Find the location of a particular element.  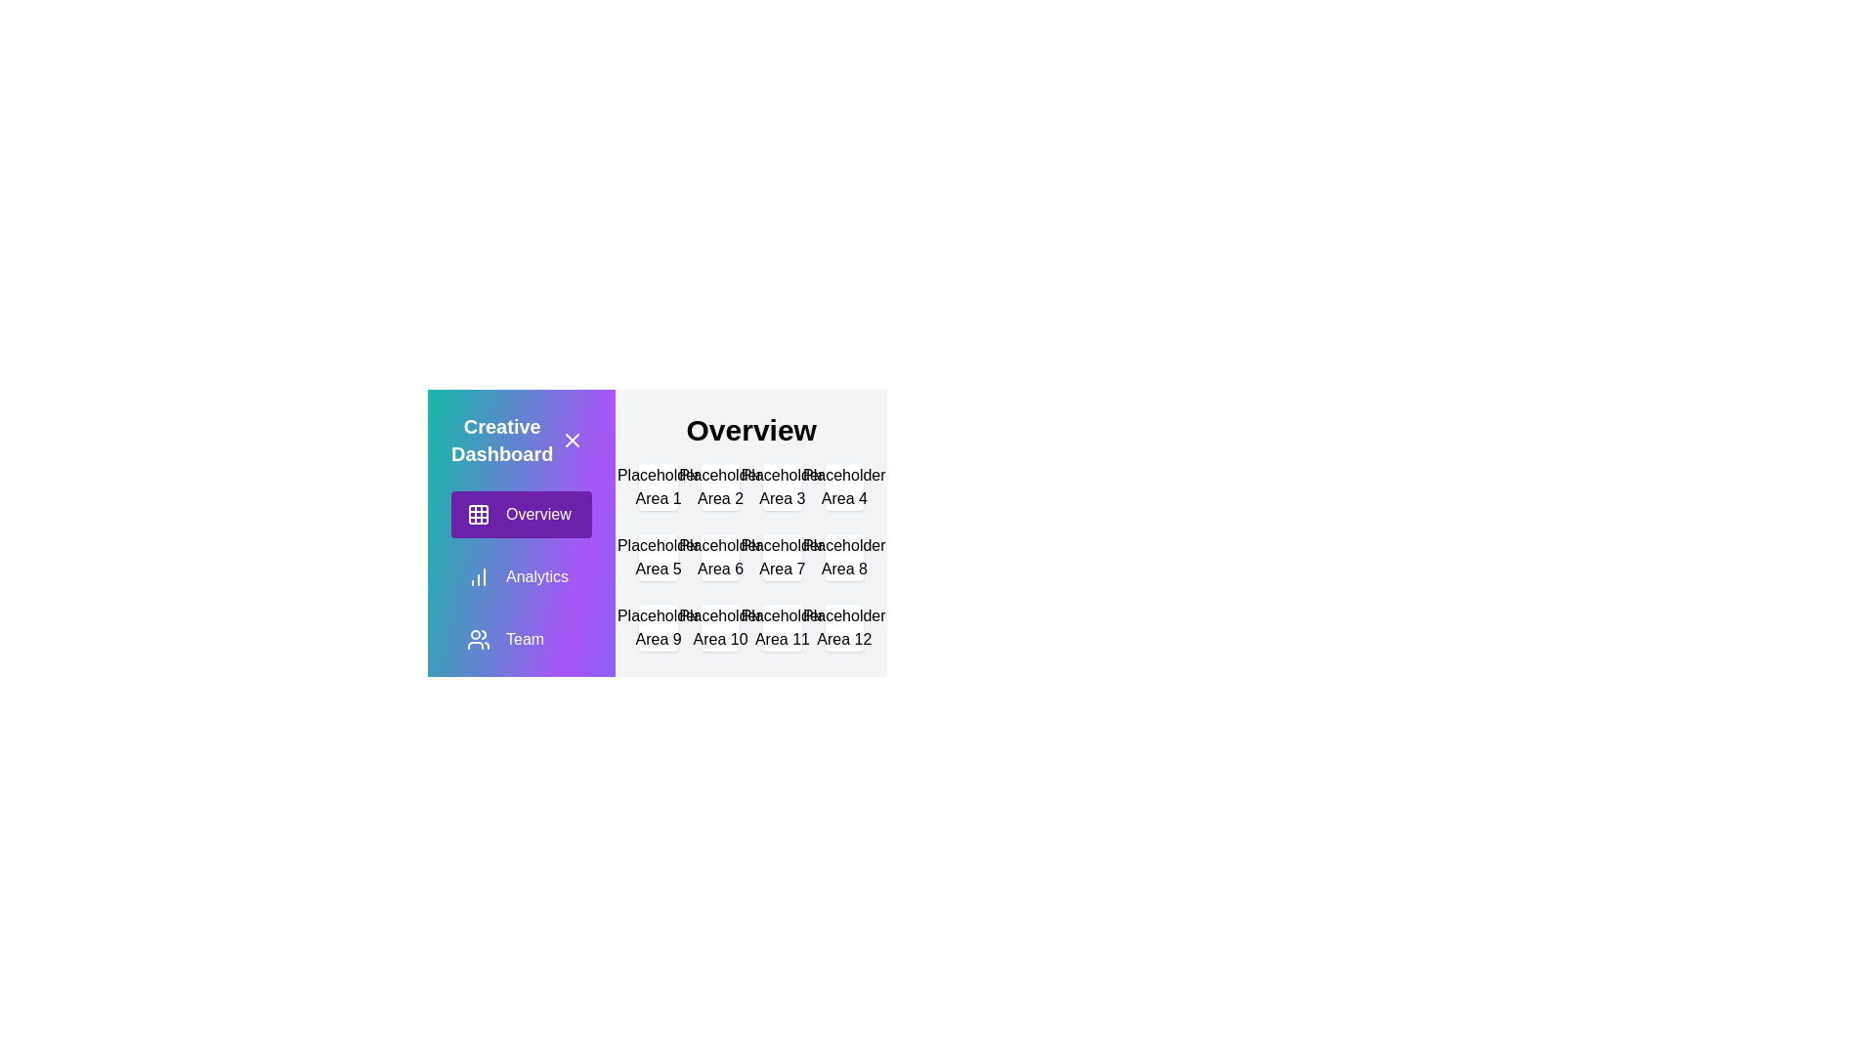

the header text 'Creative Dashboard' is located at coordinates (521, 441).